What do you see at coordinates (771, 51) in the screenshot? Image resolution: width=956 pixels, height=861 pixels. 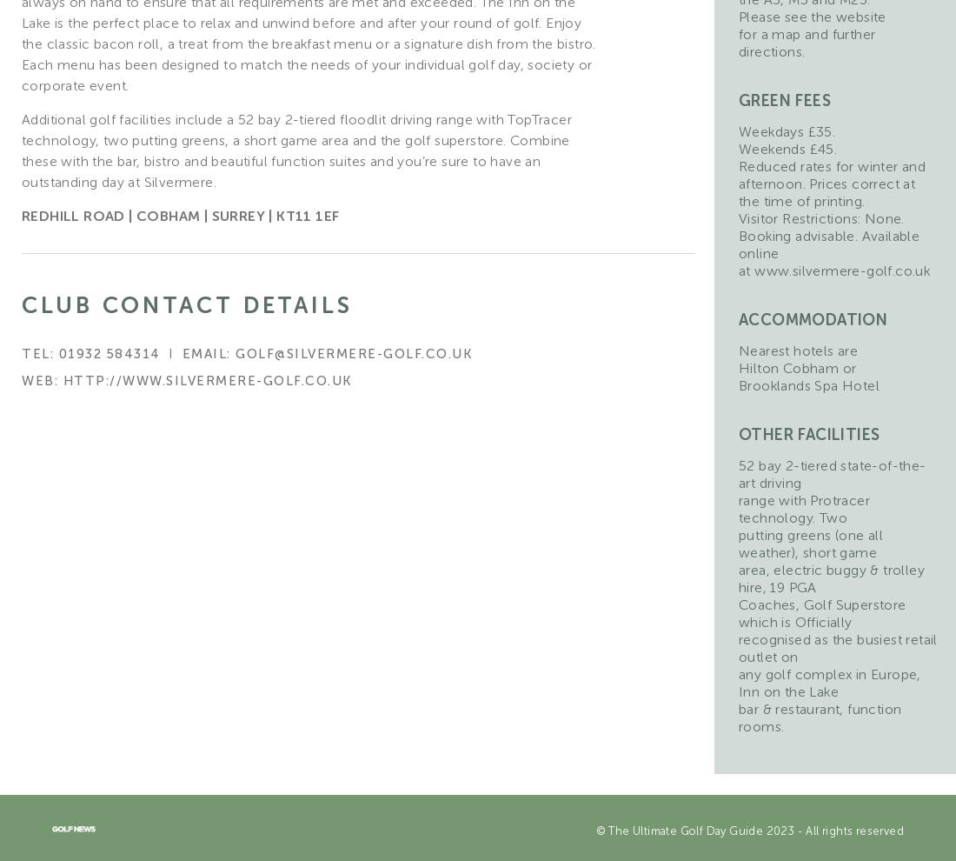 I see `'directions.'` at bounding box center [771, 51].